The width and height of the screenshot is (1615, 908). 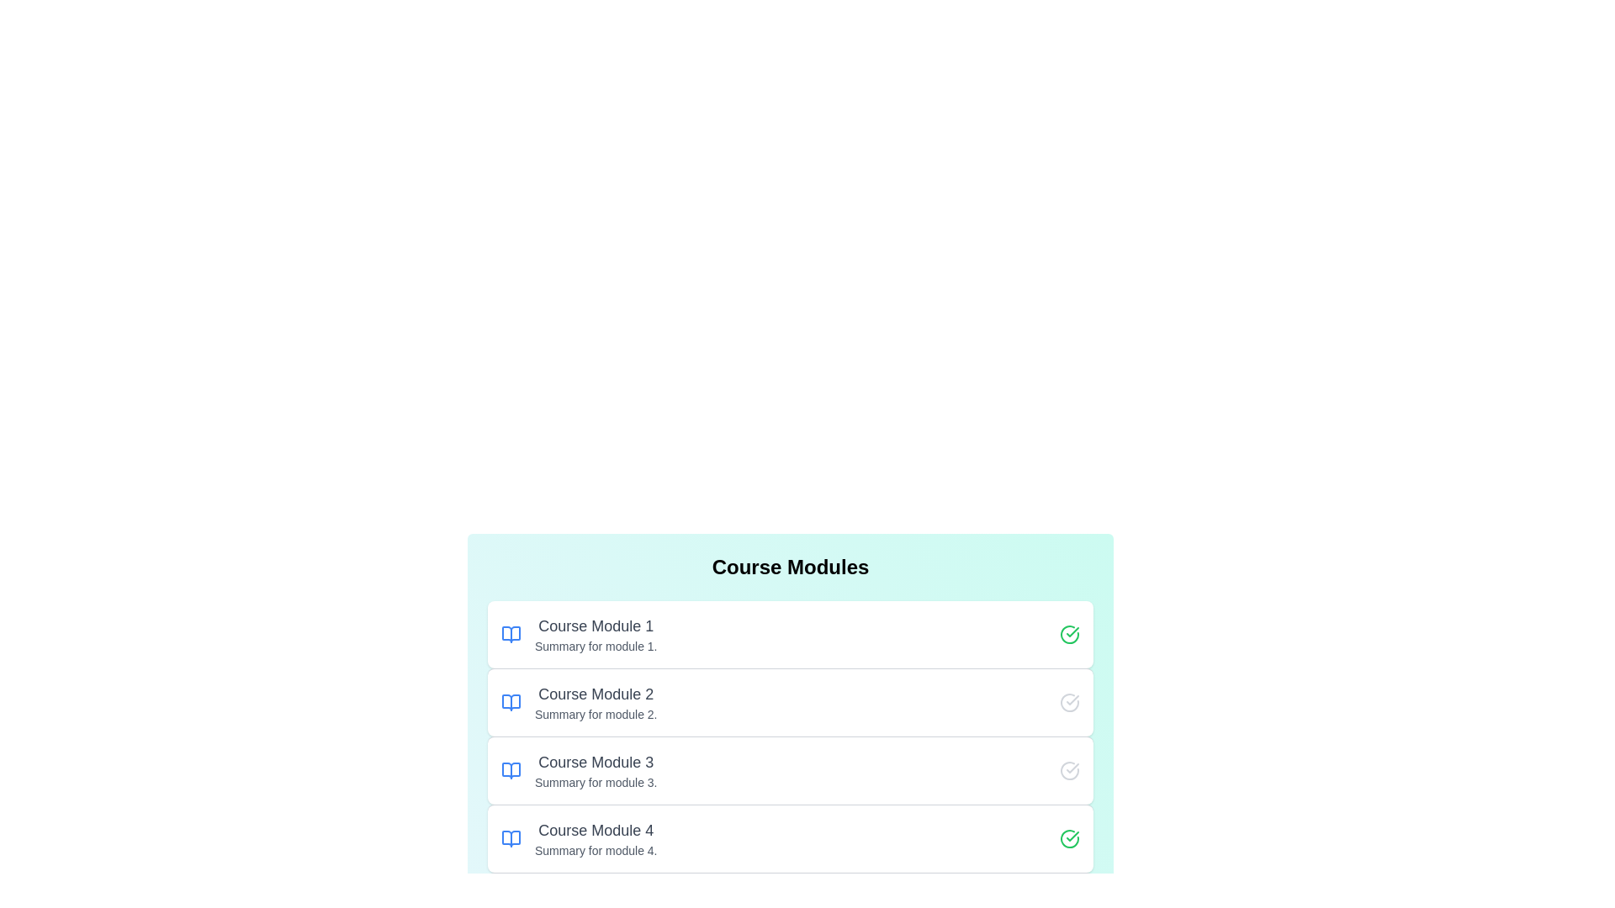 I want to click on the module titled Course Module 3 to read its description, so click(x=790, y=770).